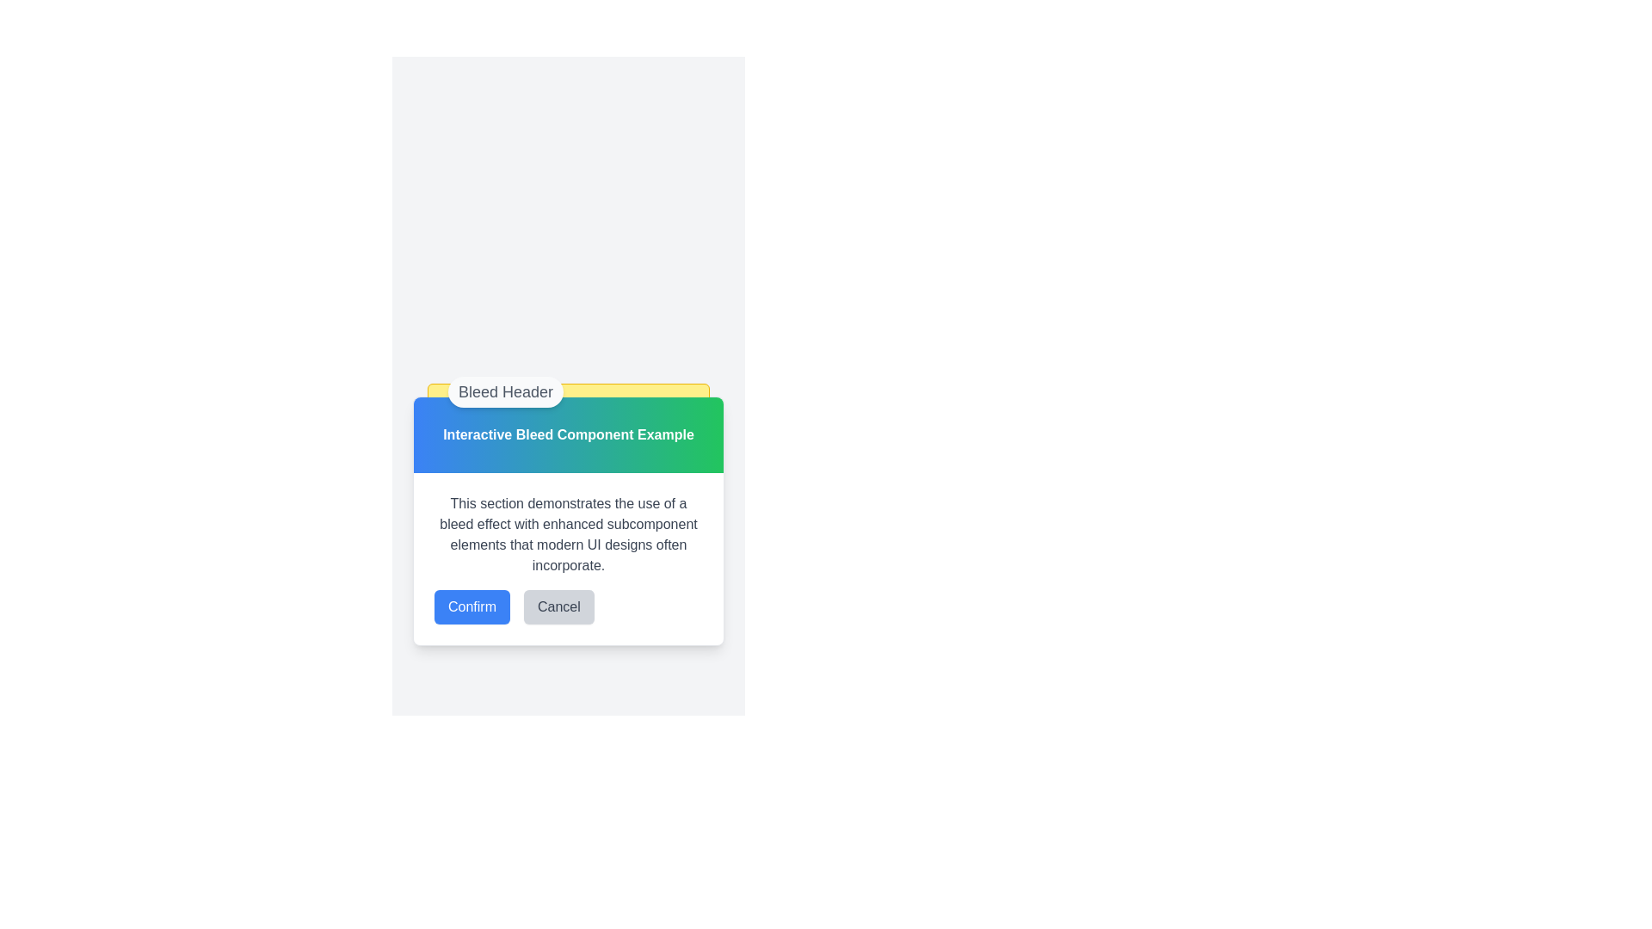 This screenshot has height=929, width=1652. I want to click on the 'Cancel' button, which is the second button in a pair located in the lower section of the modal with a gray background and rounded corners, so click(558, 606).